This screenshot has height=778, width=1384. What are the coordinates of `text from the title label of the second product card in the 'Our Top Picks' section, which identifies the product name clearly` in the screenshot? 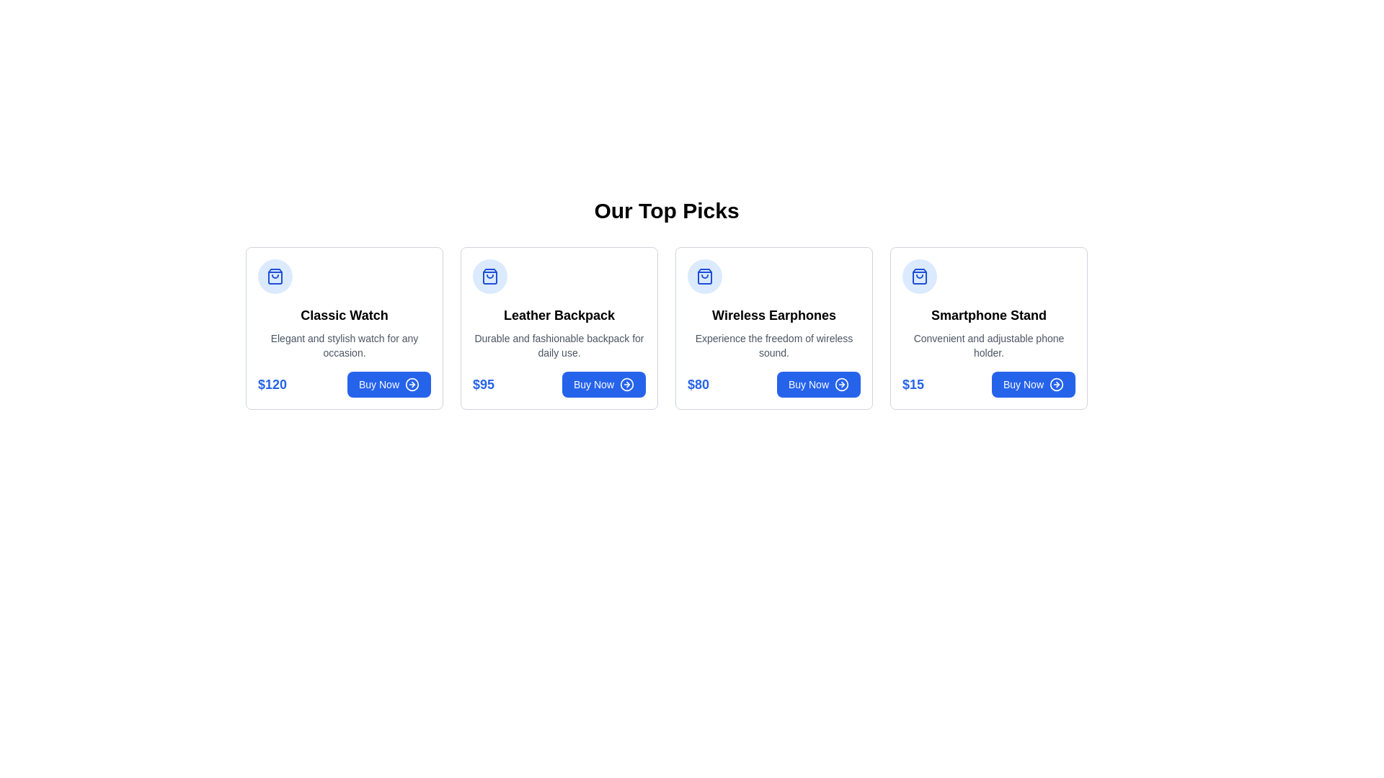 It's located at (559, 315).